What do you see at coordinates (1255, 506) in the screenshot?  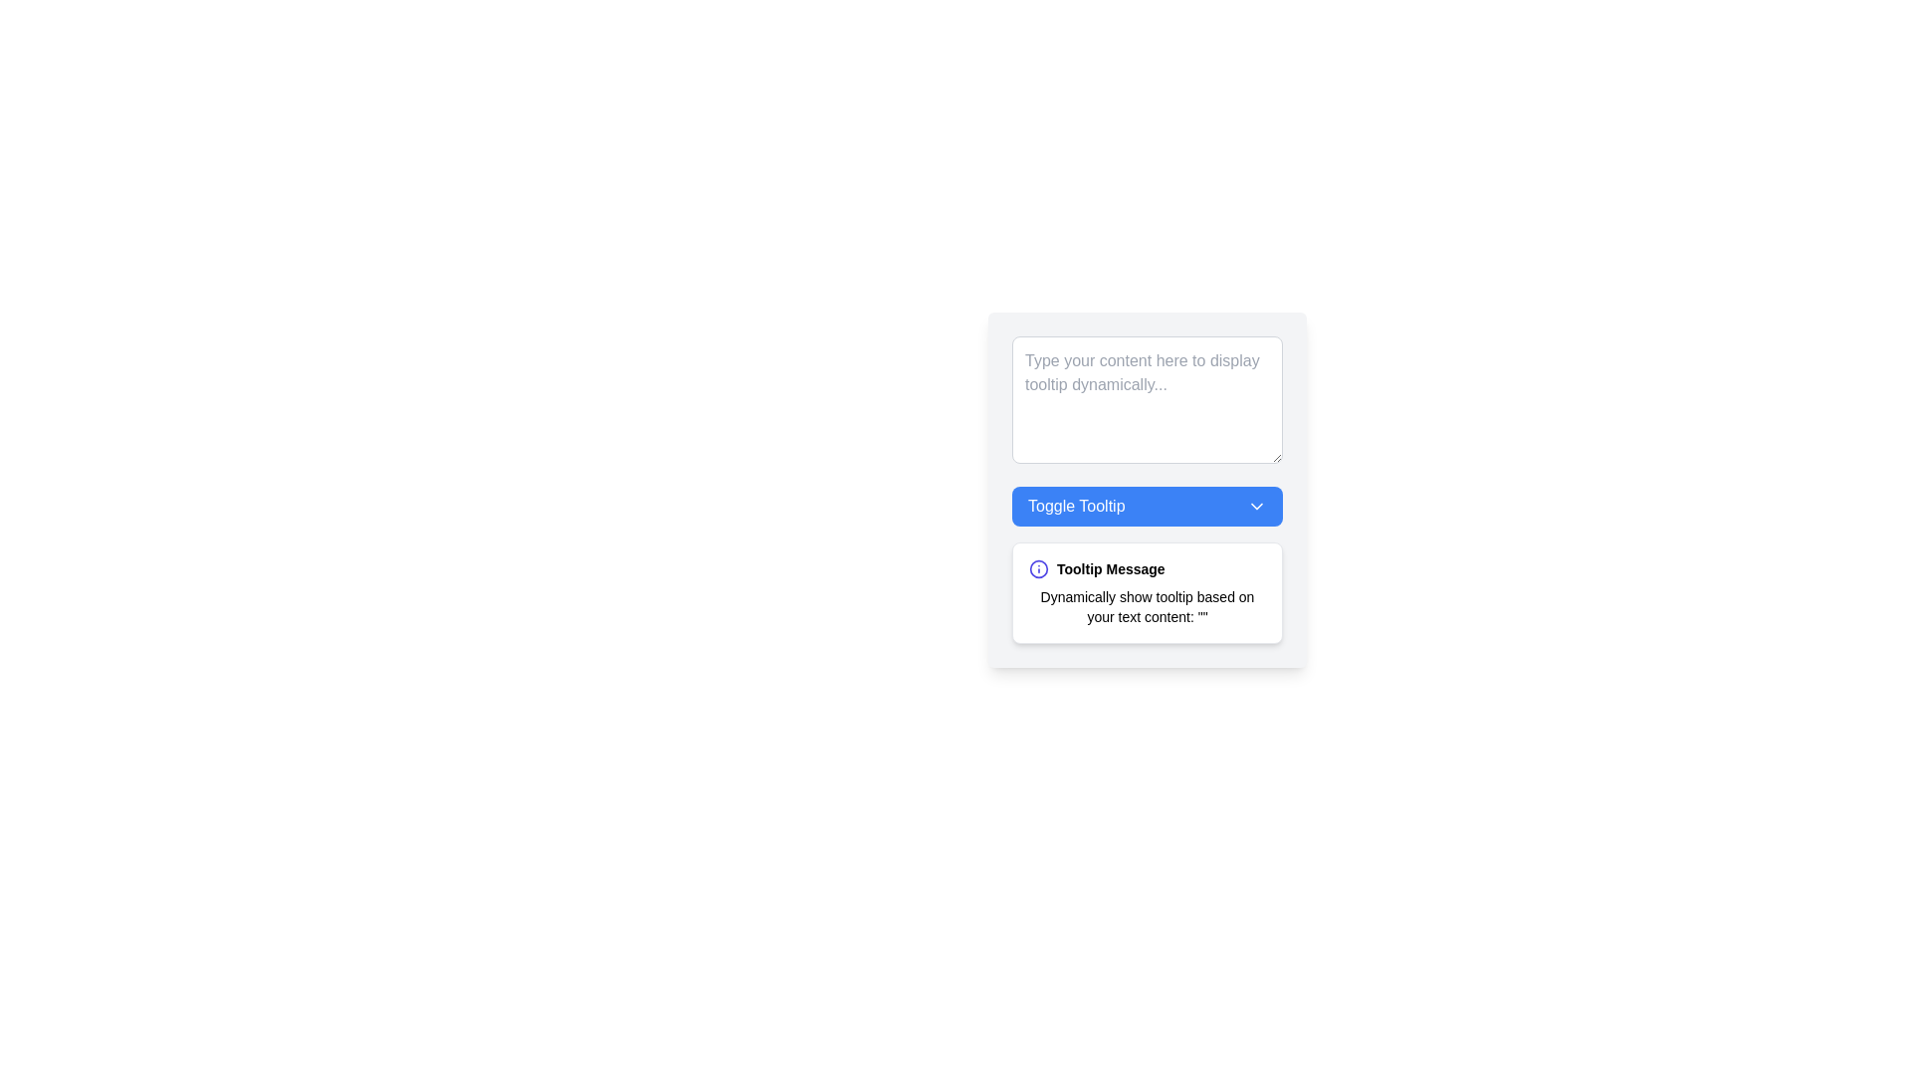 I see `the downward-pointing chevron icon located within the 'Toggle Tooltip' button` at bounding box center [1255, 506].